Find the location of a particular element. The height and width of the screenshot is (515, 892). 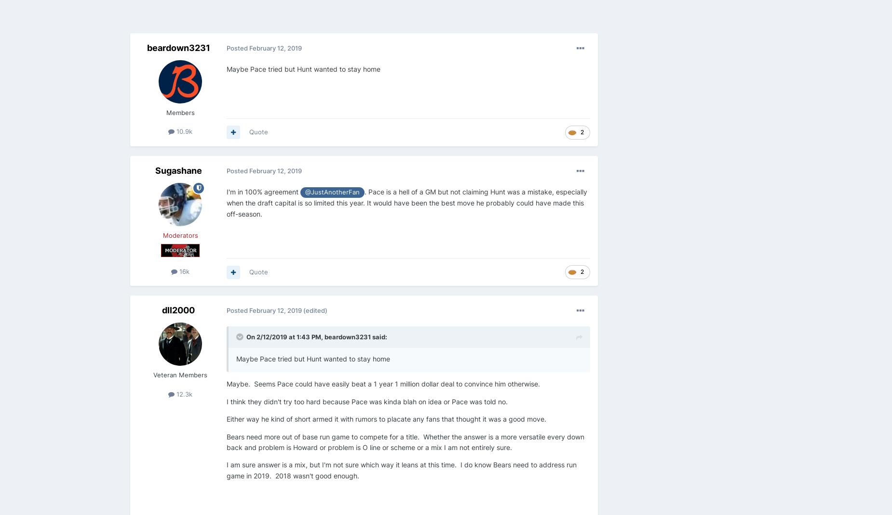

'12.3k' is located at coordinates (183, 394).